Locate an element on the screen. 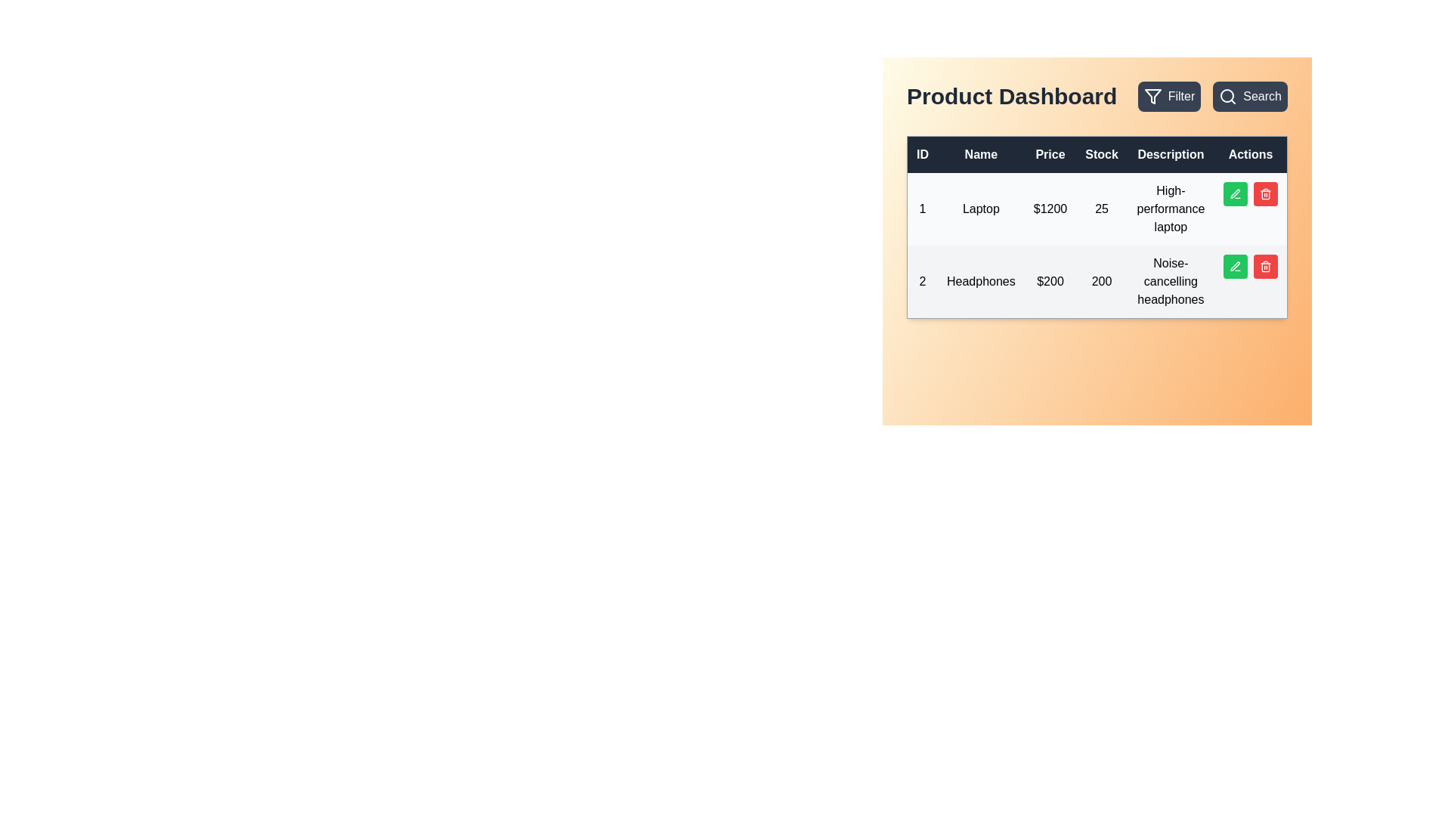  the Text Display element located at the leftmost side of the second row in the data table, which serves as a row identifier in the 'ID' column is located at coordinates (921, 282).